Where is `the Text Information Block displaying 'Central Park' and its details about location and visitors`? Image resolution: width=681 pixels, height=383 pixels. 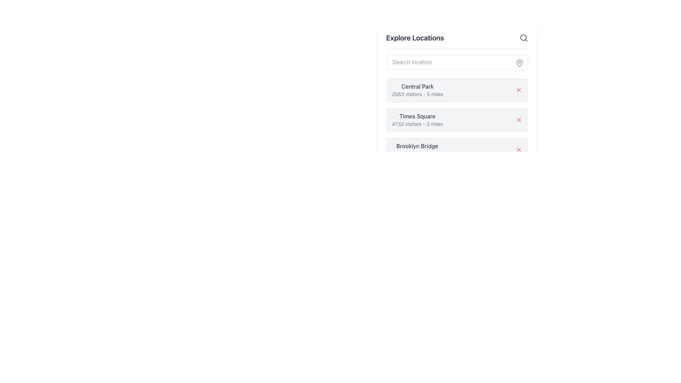
the Text Information Block displaying 'Central Park' and its details about location and visitors is located at coordinates (417, 90).